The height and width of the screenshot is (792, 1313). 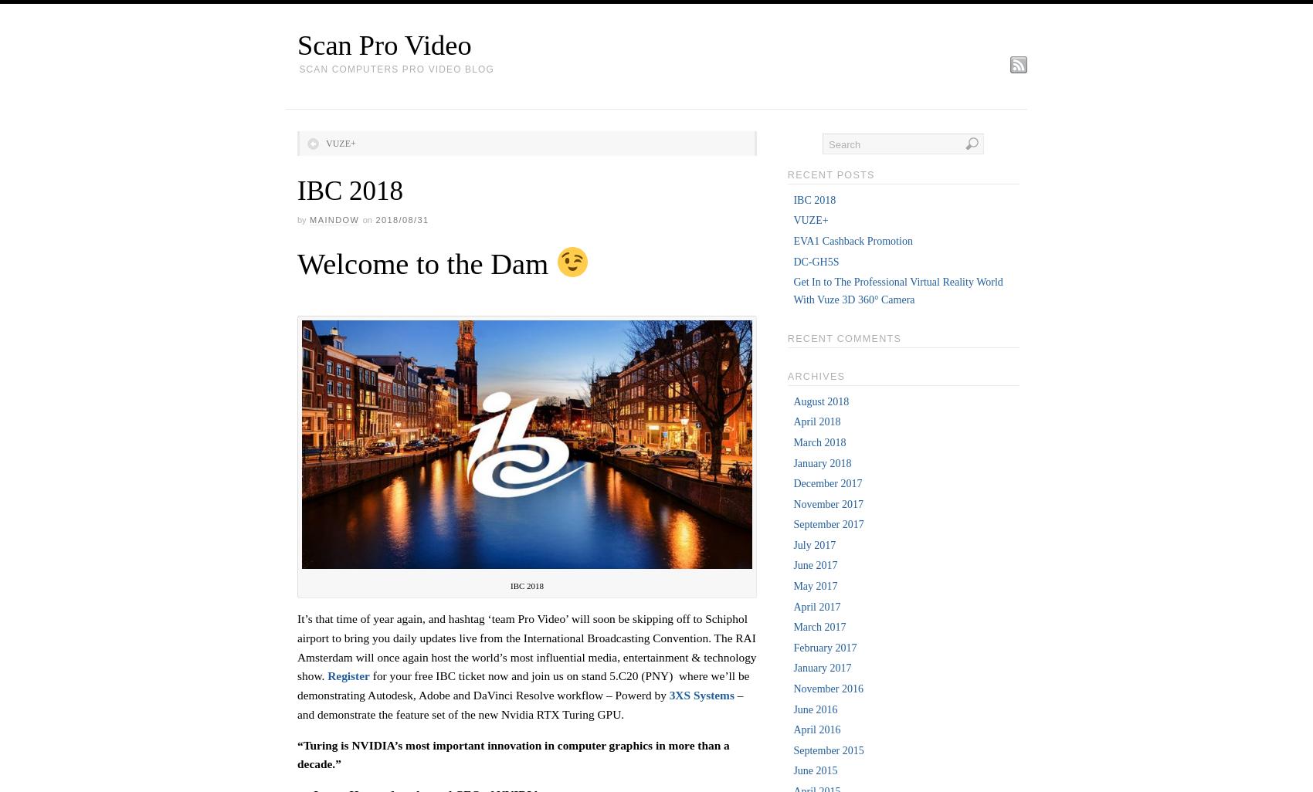 I want to click on '“Turing is NVIDIA’s most important innovation in computer graphics in more than a decade.”', so click(x=513, y=753).